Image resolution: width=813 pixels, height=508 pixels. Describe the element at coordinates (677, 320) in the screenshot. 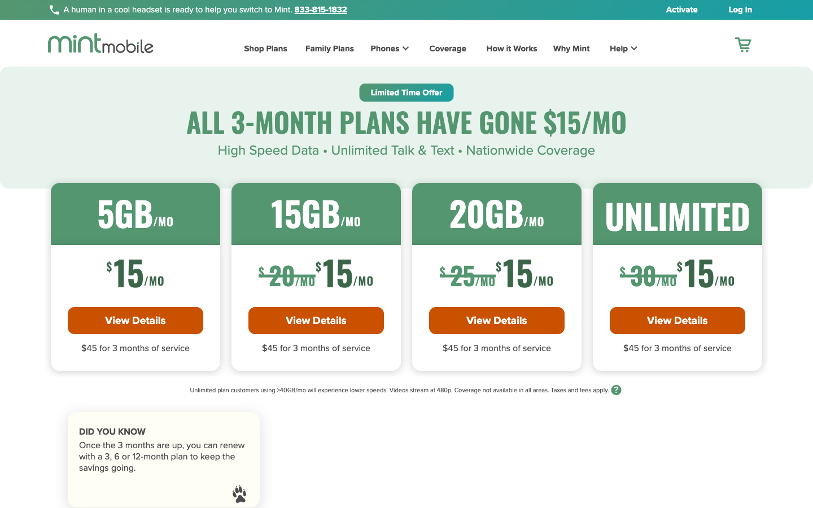

I see `Inspect the information of Unlimited Data package` at that location.